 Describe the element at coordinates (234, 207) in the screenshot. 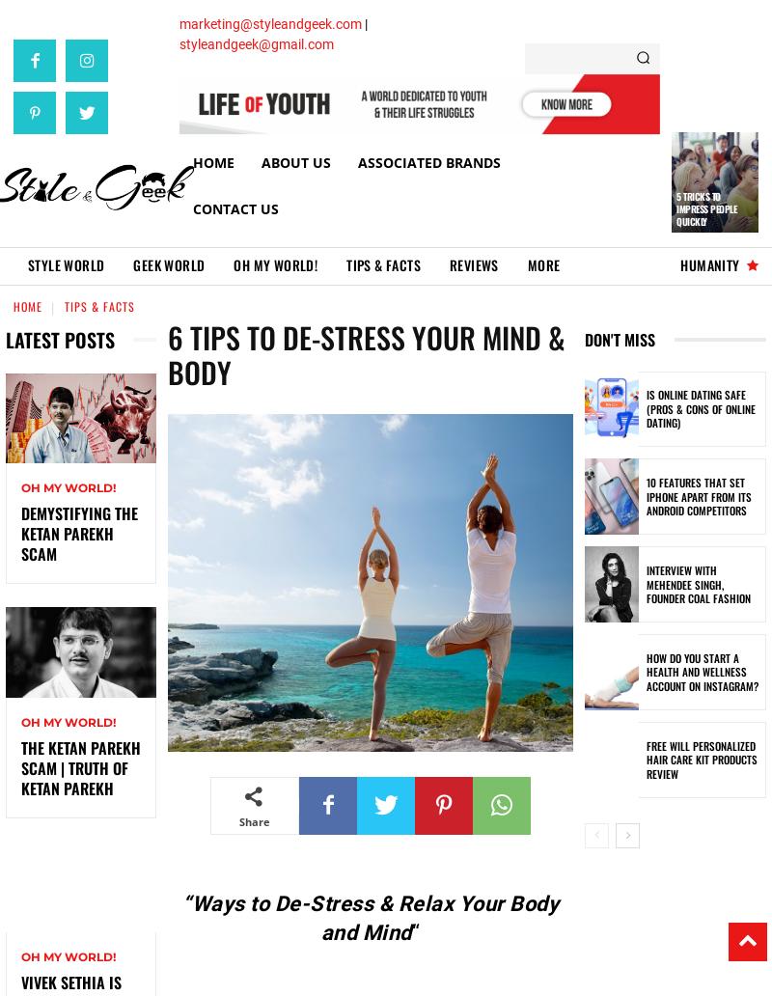

I see `'Contact Us'` at that location.